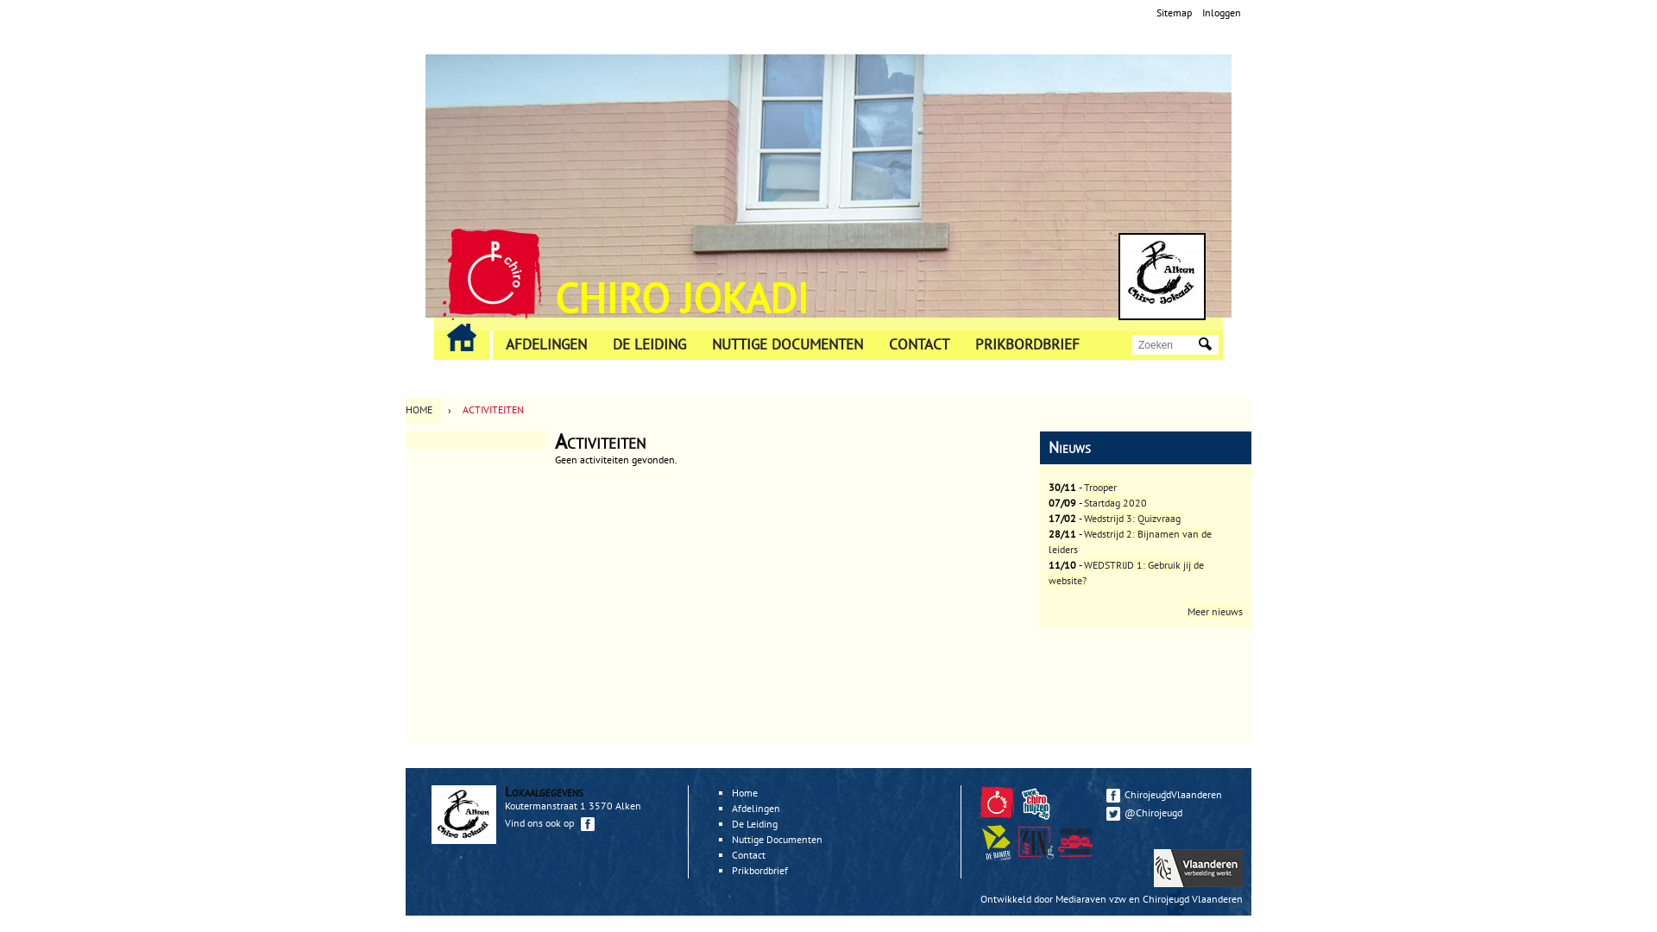  I want to click on 'Nuttige Documenten', so click(776, 838).